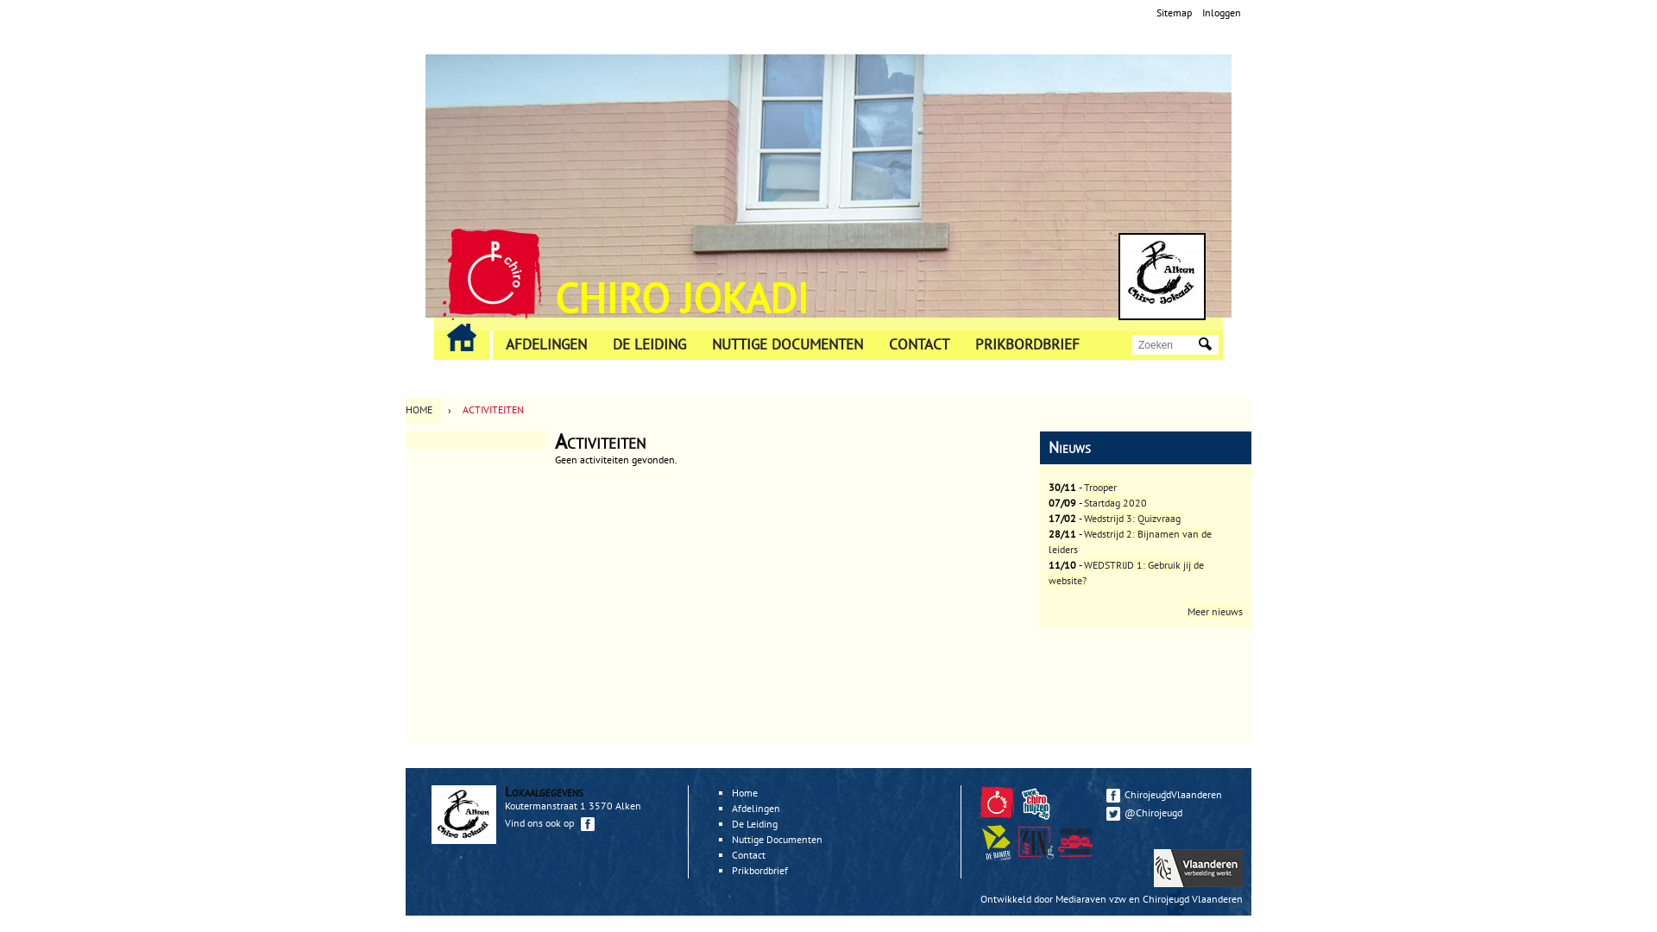  I want to click on 'Nuttige Documenten', so click(776, 838).